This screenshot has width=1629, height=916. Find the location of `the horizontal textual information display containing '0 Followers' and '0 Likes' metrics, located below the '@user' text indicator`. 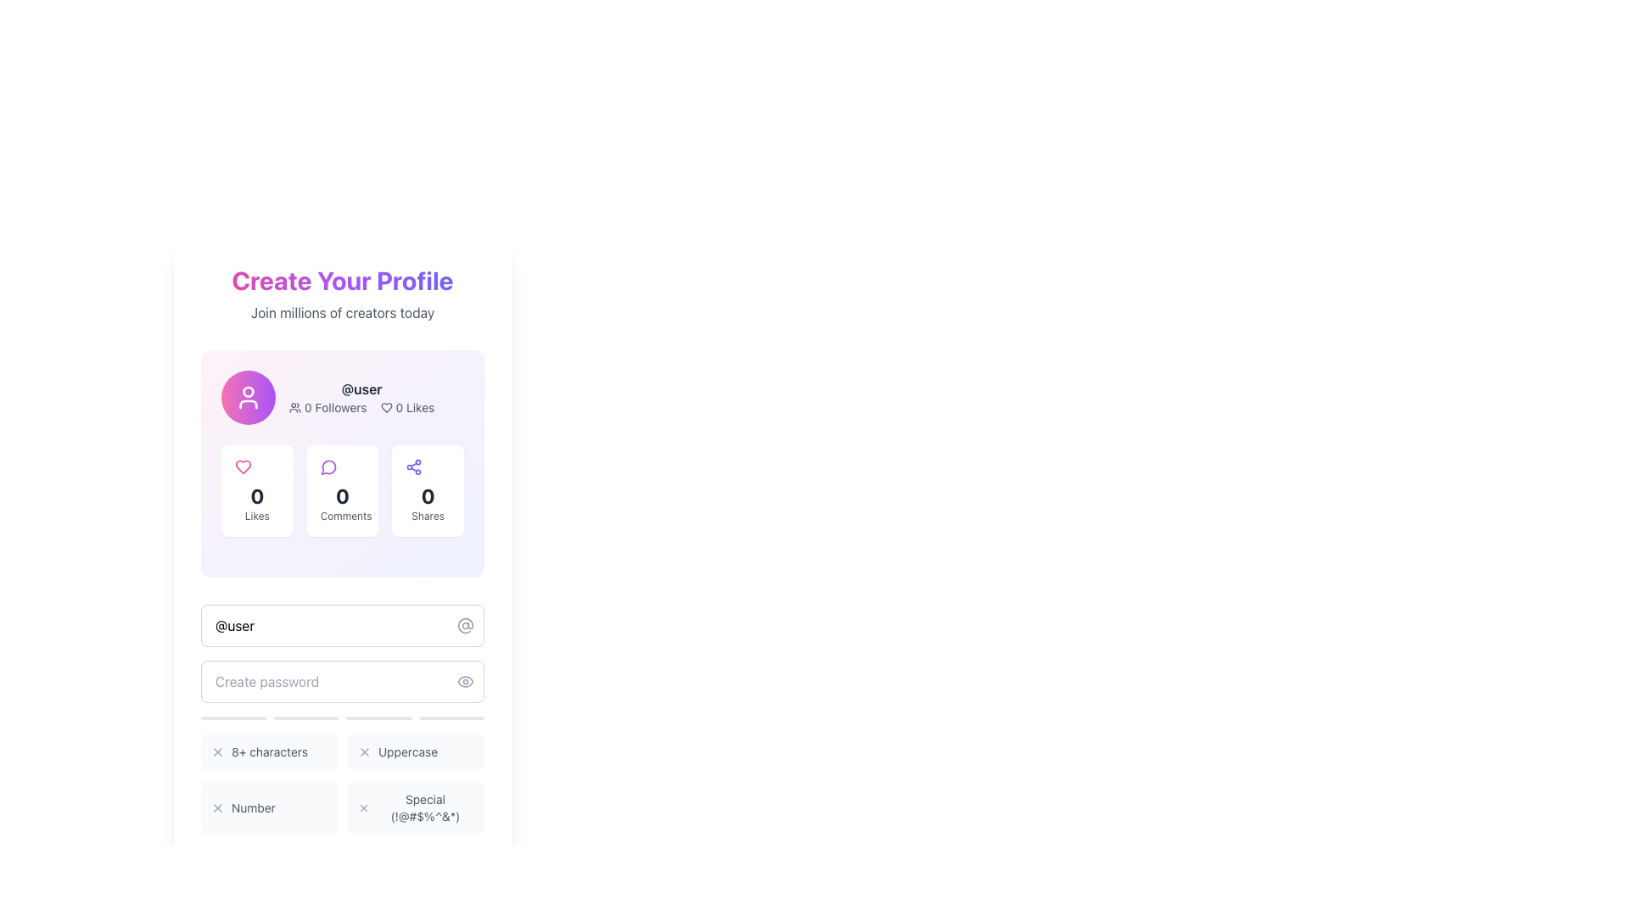

the horizontal textual information display containing '0 Followers' and '0 Likes' metrics, located below the '@user' text indicator is located at coordinates (361, 408).